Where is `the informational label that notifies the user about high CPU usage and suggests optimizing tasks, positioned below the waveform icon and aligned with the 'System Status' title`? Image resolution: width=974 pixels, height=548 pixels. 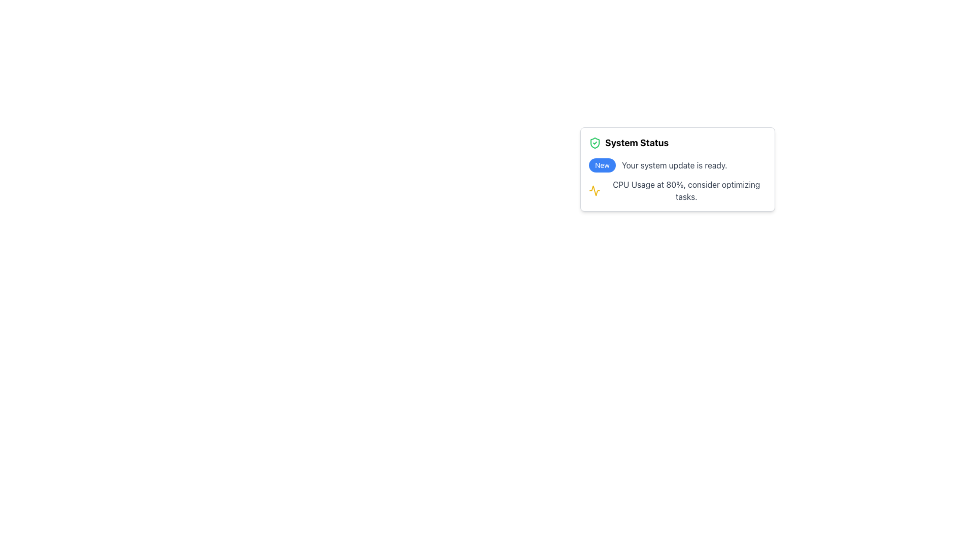
the informational label that notifies the user about high CPU usage and suggests optimizing tasks, positioned below the waveform icon and aligned with the 'System Status' title is located at coordinates (686, 190).